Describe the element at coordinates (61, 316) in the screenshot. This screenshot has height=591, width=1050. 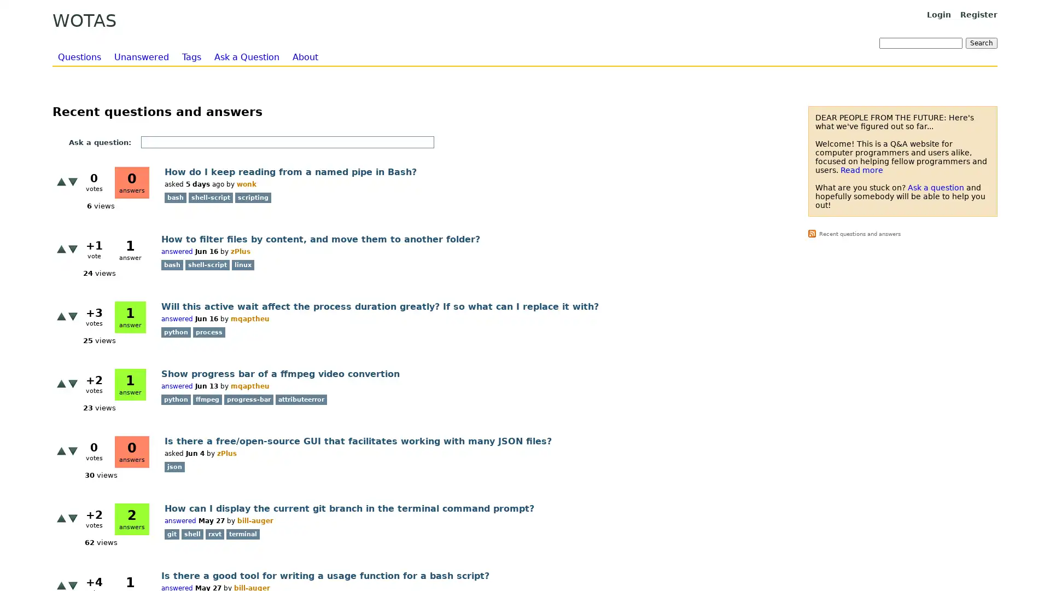
I see `+` at that location.